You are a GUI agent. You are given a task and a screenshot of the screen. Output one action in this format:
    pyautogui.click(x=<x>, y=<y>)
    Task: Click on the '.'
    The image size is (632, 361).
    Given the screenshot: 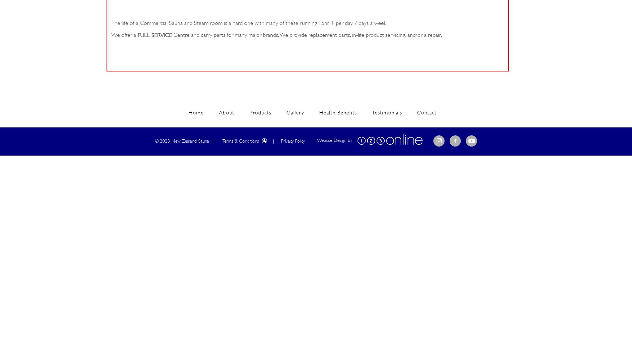 What is the action you would take?
    pyautogui.click(x=441, y=35)
    